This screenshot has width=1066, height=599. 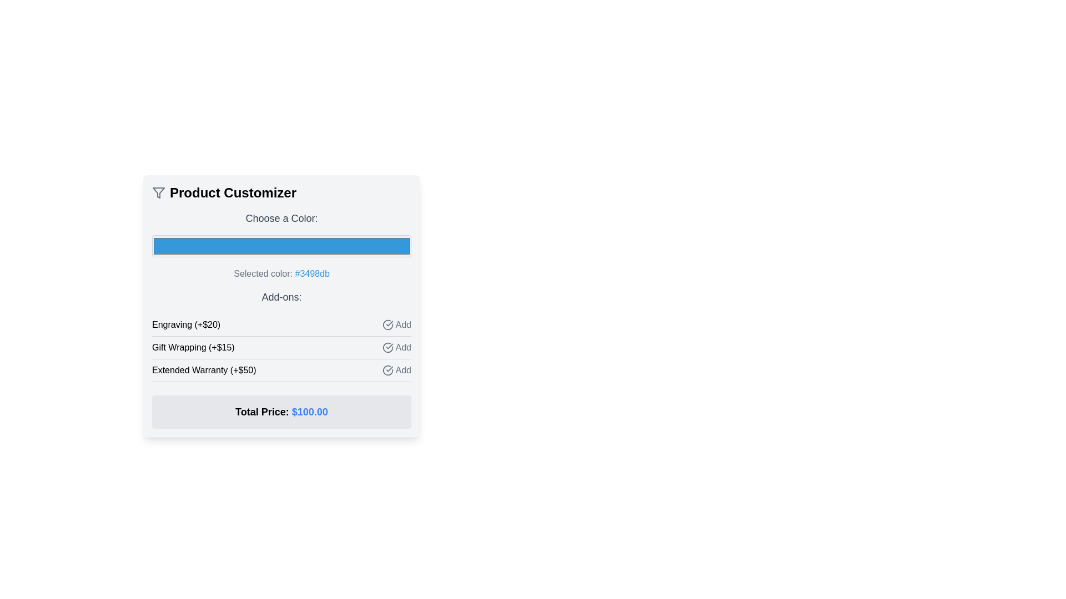 I want to click on the 'Add Engraving' button located on the right side of the 'Engraving (+$20)' labeled row in the Product Customizer module, so click(x=396, y=324).